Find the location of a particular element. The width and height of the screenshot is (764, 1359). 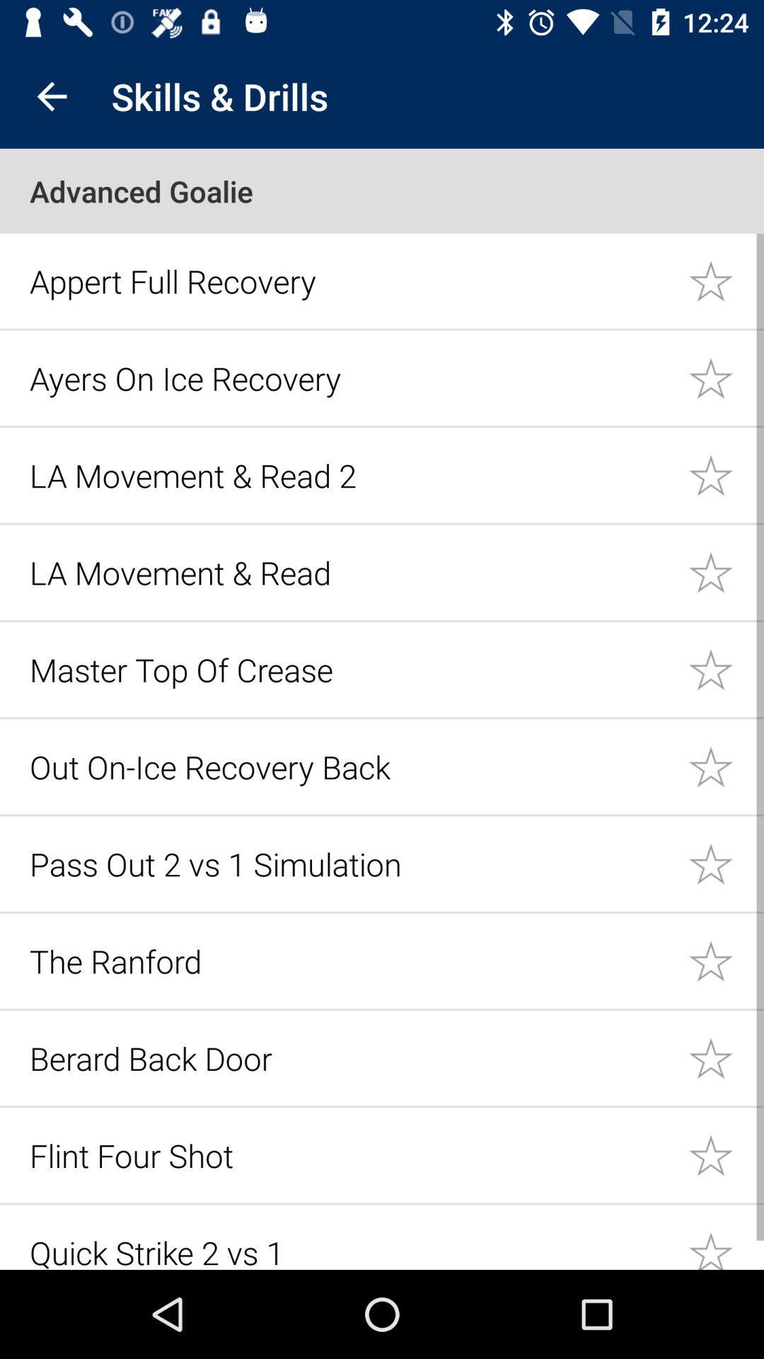

favorite is located at coordinates (726, 961).